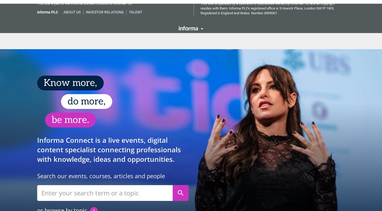 This screenshot has width=382, height=211. What do you see at coordinates (180, 189) in the screenshot?
I see `'search'` at bounding box center [180, 189].